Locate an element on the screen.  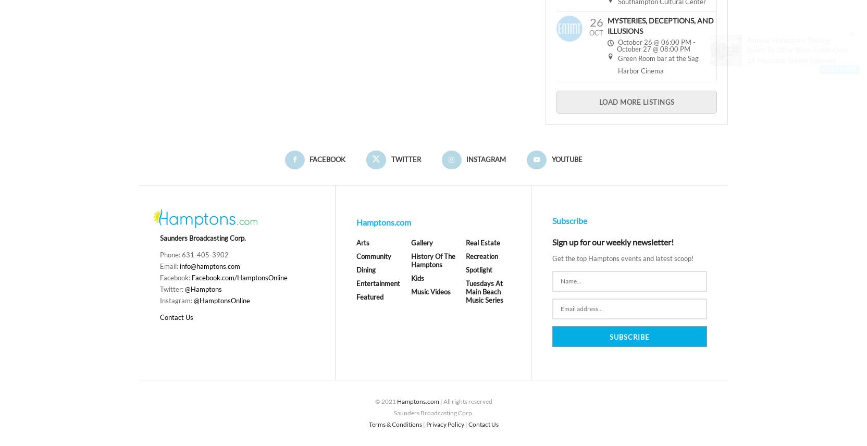
'Music Videos' is located at coordinates (430, 291).